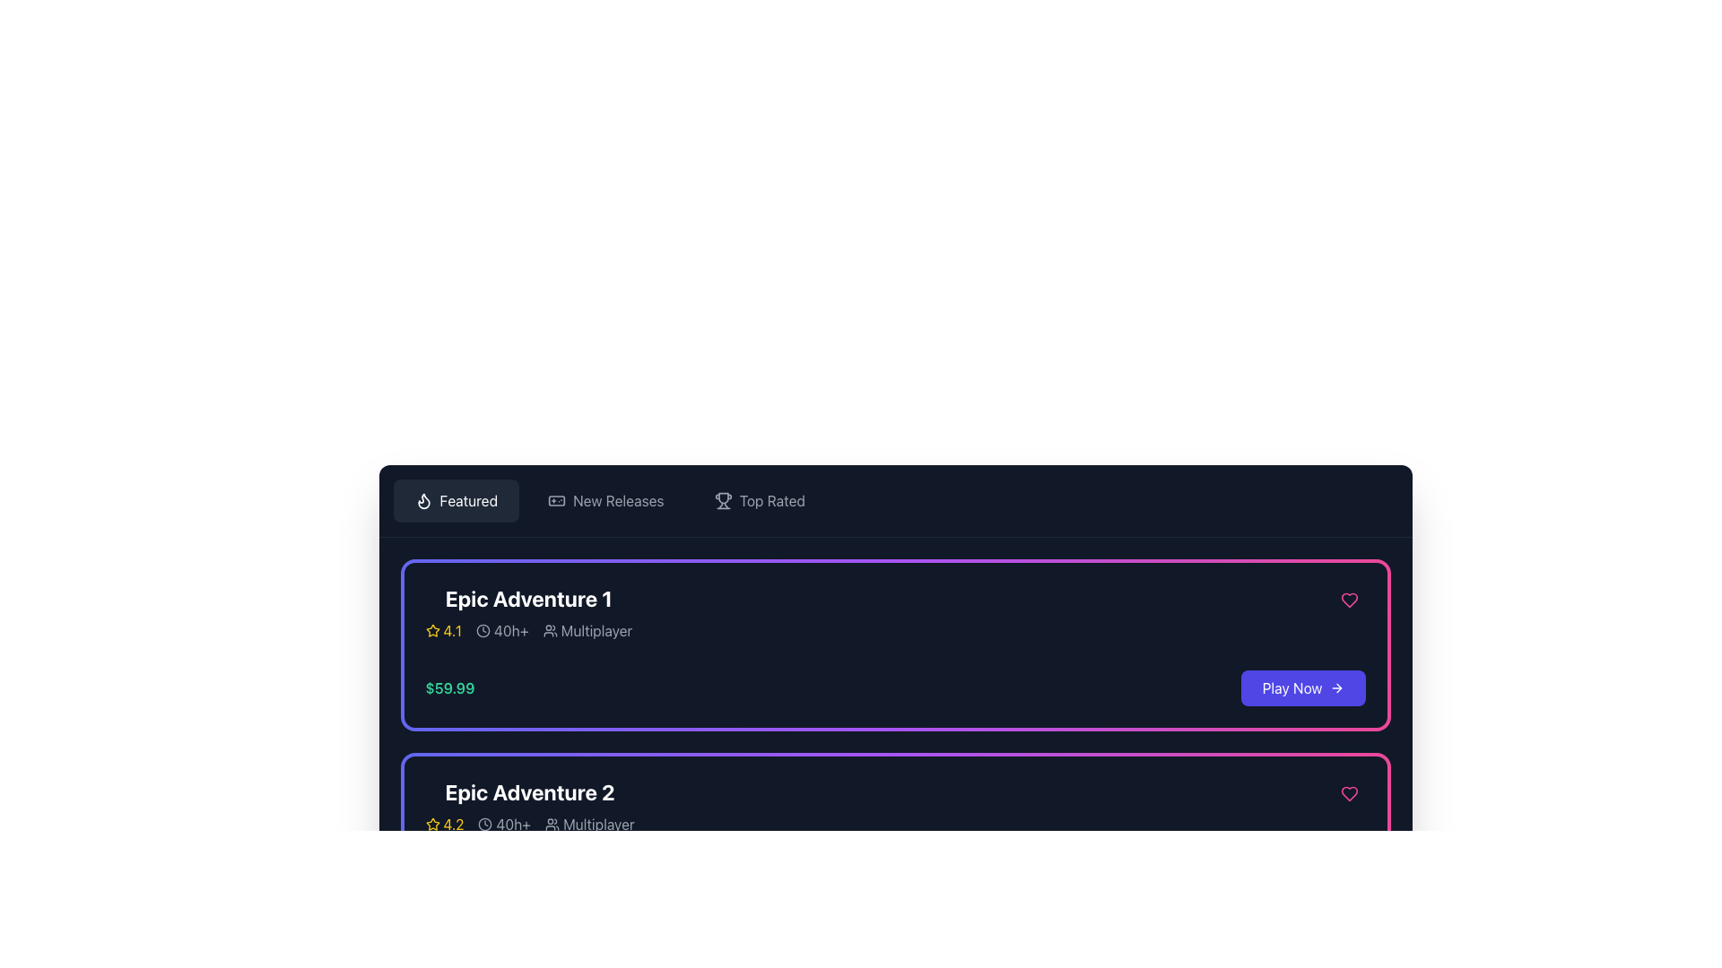  I want to click on the first button in the horizontal navigation bar, so click(456, 501).